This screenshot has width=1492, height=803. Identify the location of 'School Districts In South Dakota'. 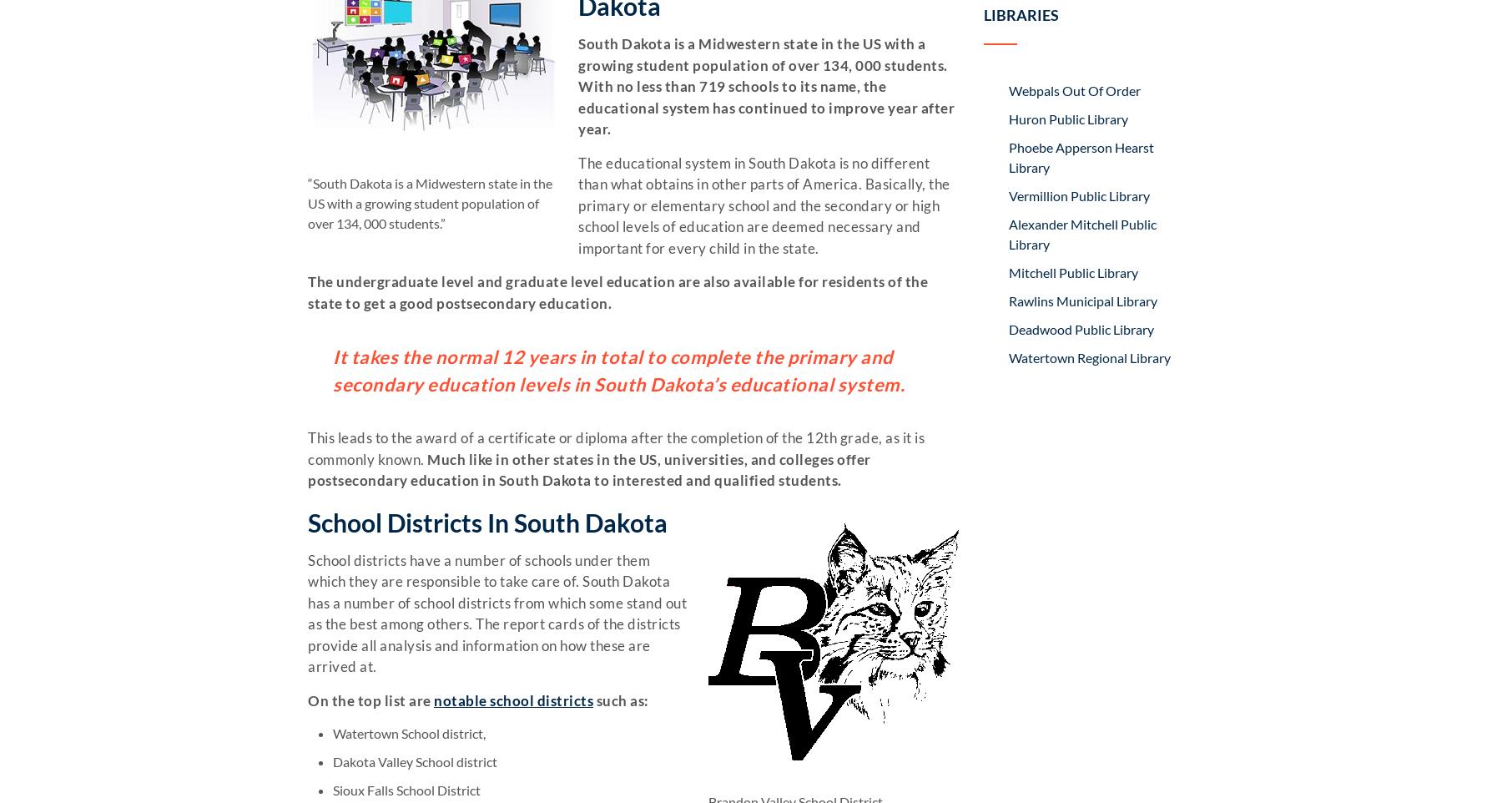
(487, 521).